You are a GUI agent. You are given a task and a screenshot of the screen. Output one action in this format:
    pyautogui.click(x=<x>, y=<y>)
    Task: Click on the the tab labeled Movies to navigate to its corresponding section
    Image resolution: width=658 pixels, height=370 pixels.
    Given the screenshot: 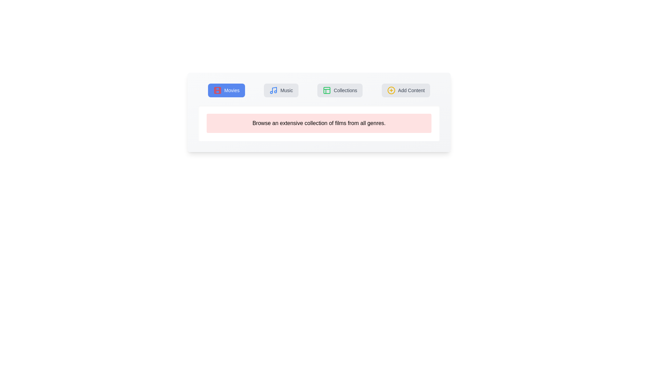 What is the action you would take?
    pyautogui.click(x=226, y=90)
    